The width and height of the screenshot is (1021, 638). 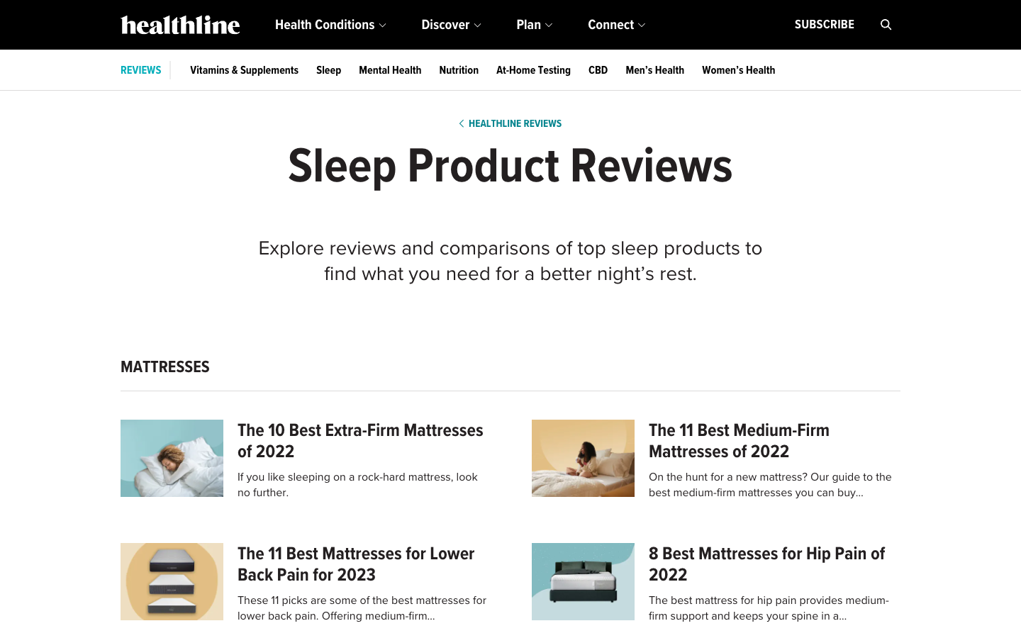 I want to click on Engage in additional readings on Nutrition, so click(x=458, y=69).